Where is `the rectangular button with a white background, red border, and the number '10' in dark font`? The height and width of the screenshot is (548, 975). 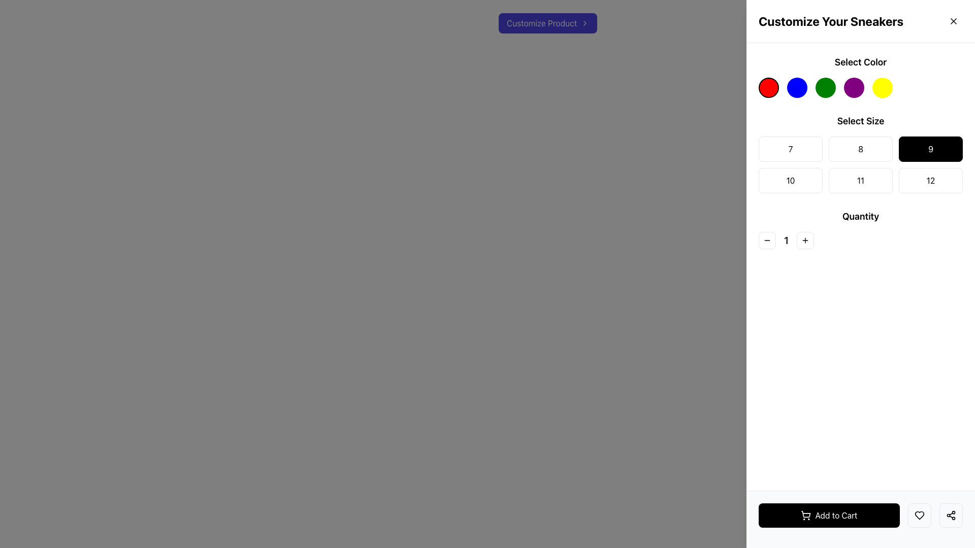
the rectangular button with a white background, red border, and the number '10' in dark font is located at coordinates (790, 180).